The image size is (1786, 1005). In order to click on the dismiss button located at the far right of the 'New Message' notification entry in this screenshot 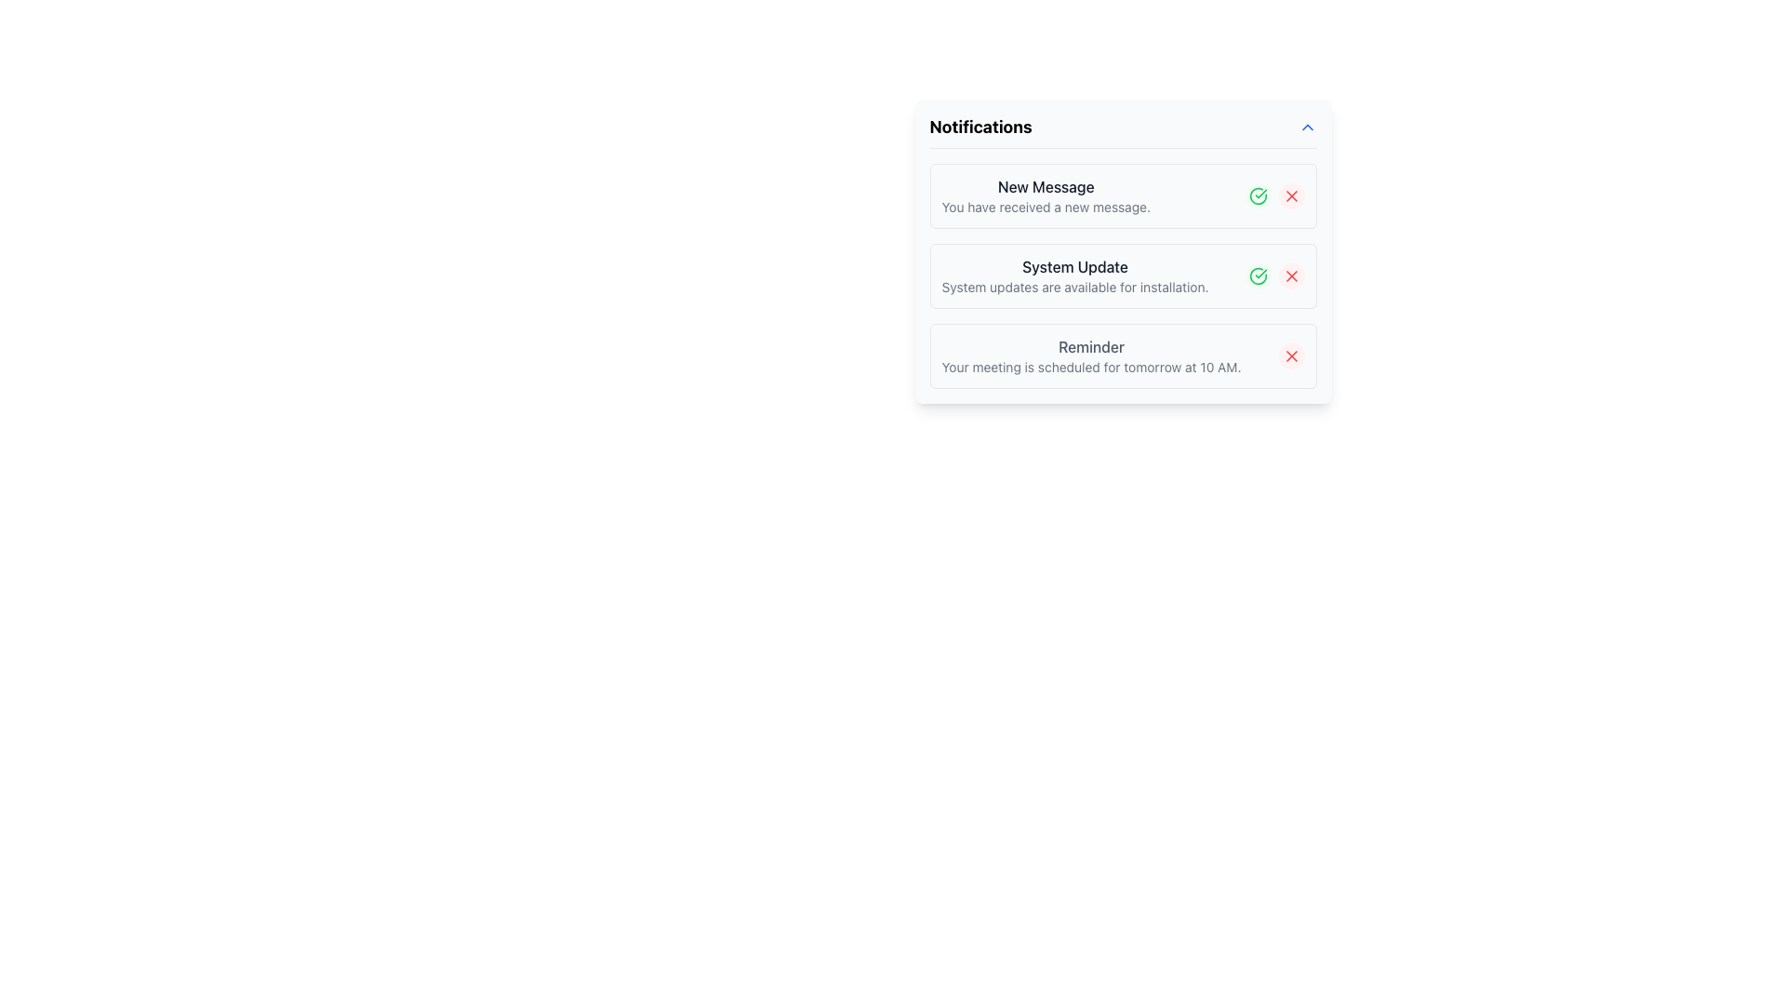, I will do `click(1290, 196)`.